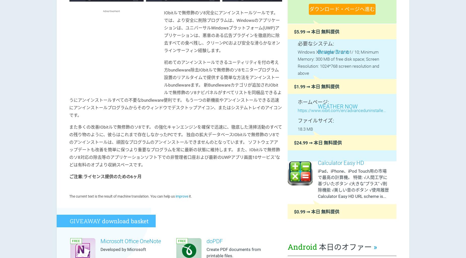 The height and width of the screenshot is (258, 466). Describe the element at coordinates (100, 241) in the screenshot. I see `'Microsoft Office OneNote'` at that location.